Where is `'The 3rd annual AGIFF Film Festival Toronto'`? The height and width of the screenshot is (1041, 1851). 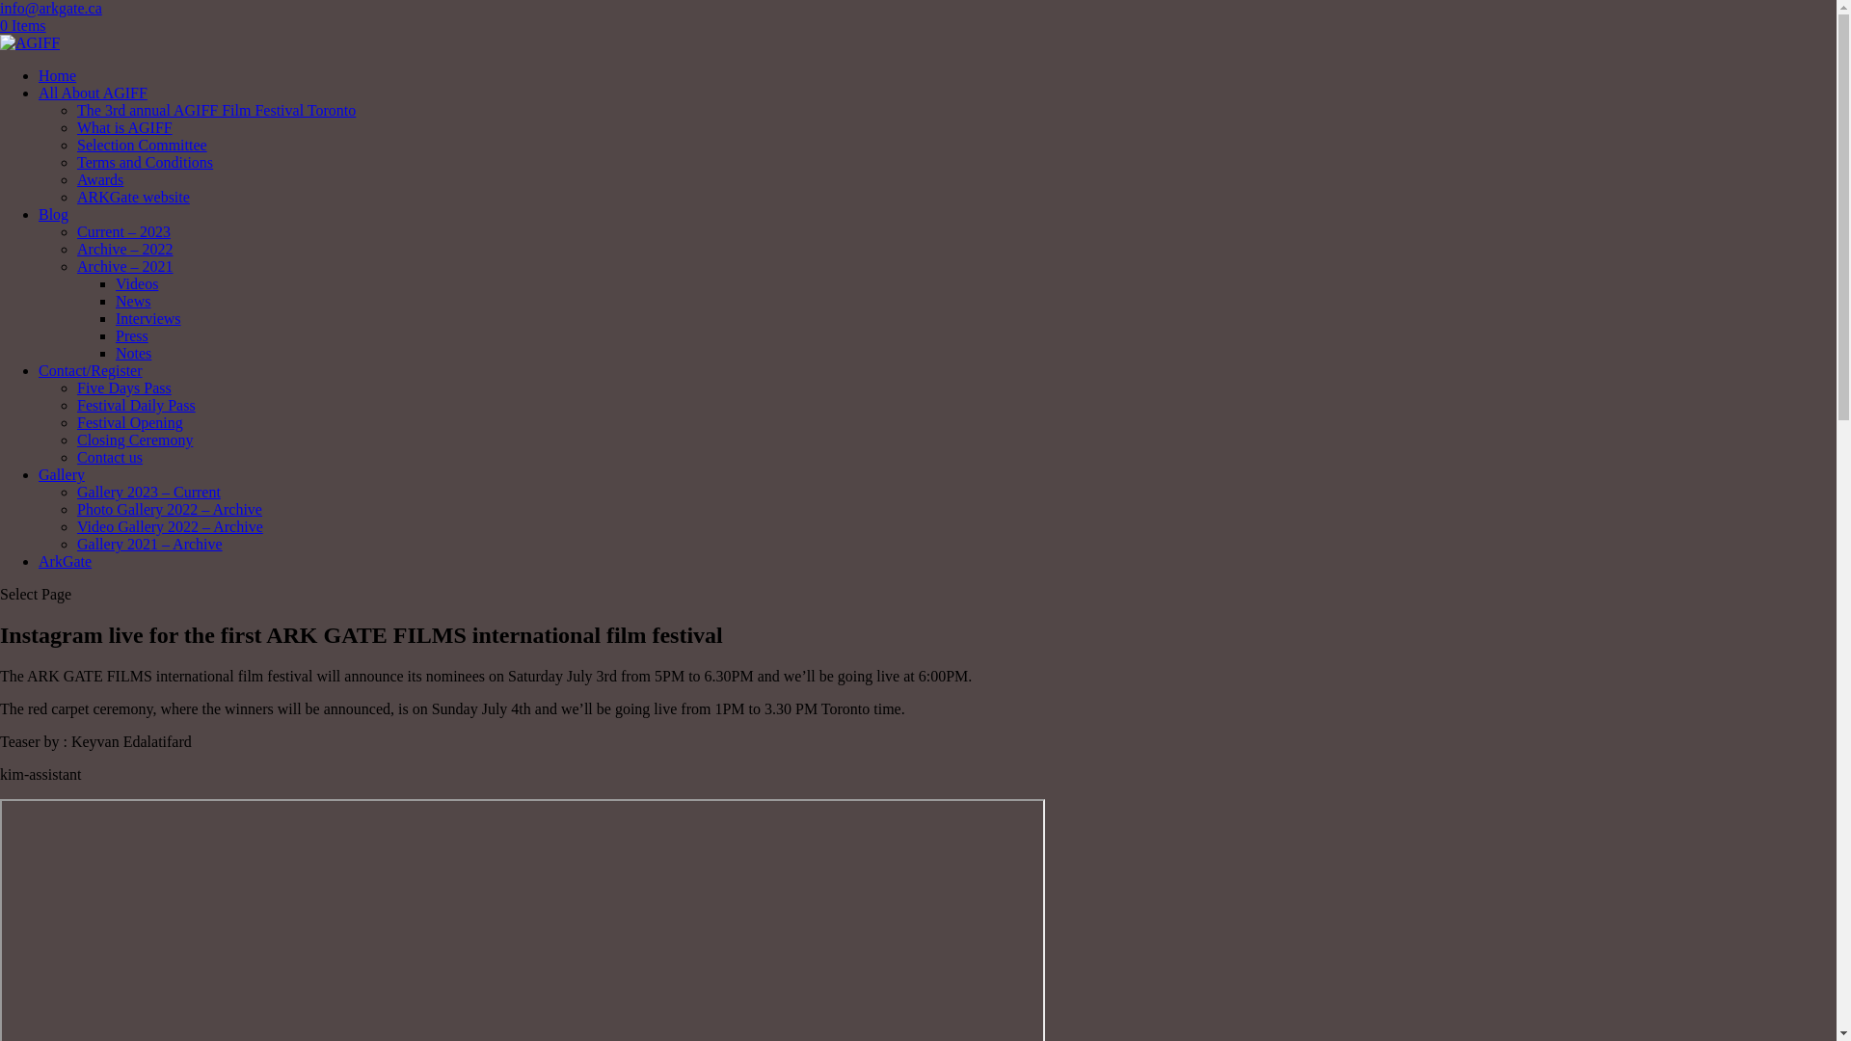 'The 3rd annual AGIFF Film Festival Toronto' is located at coordinates (216, 110).